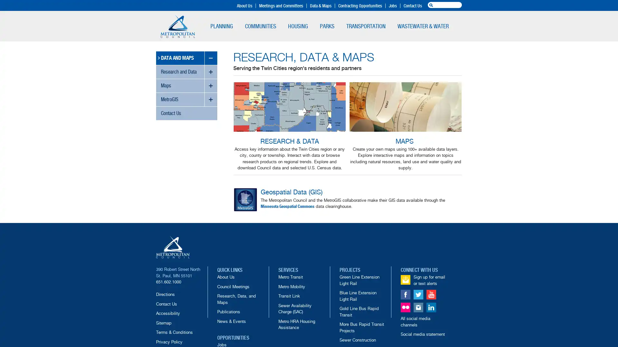 This screenshot has width=618, height=347. Describe the element at coordinates (211, 58) in the screenshot. I see `toggle sub-menus for Data and Maps` at that location.